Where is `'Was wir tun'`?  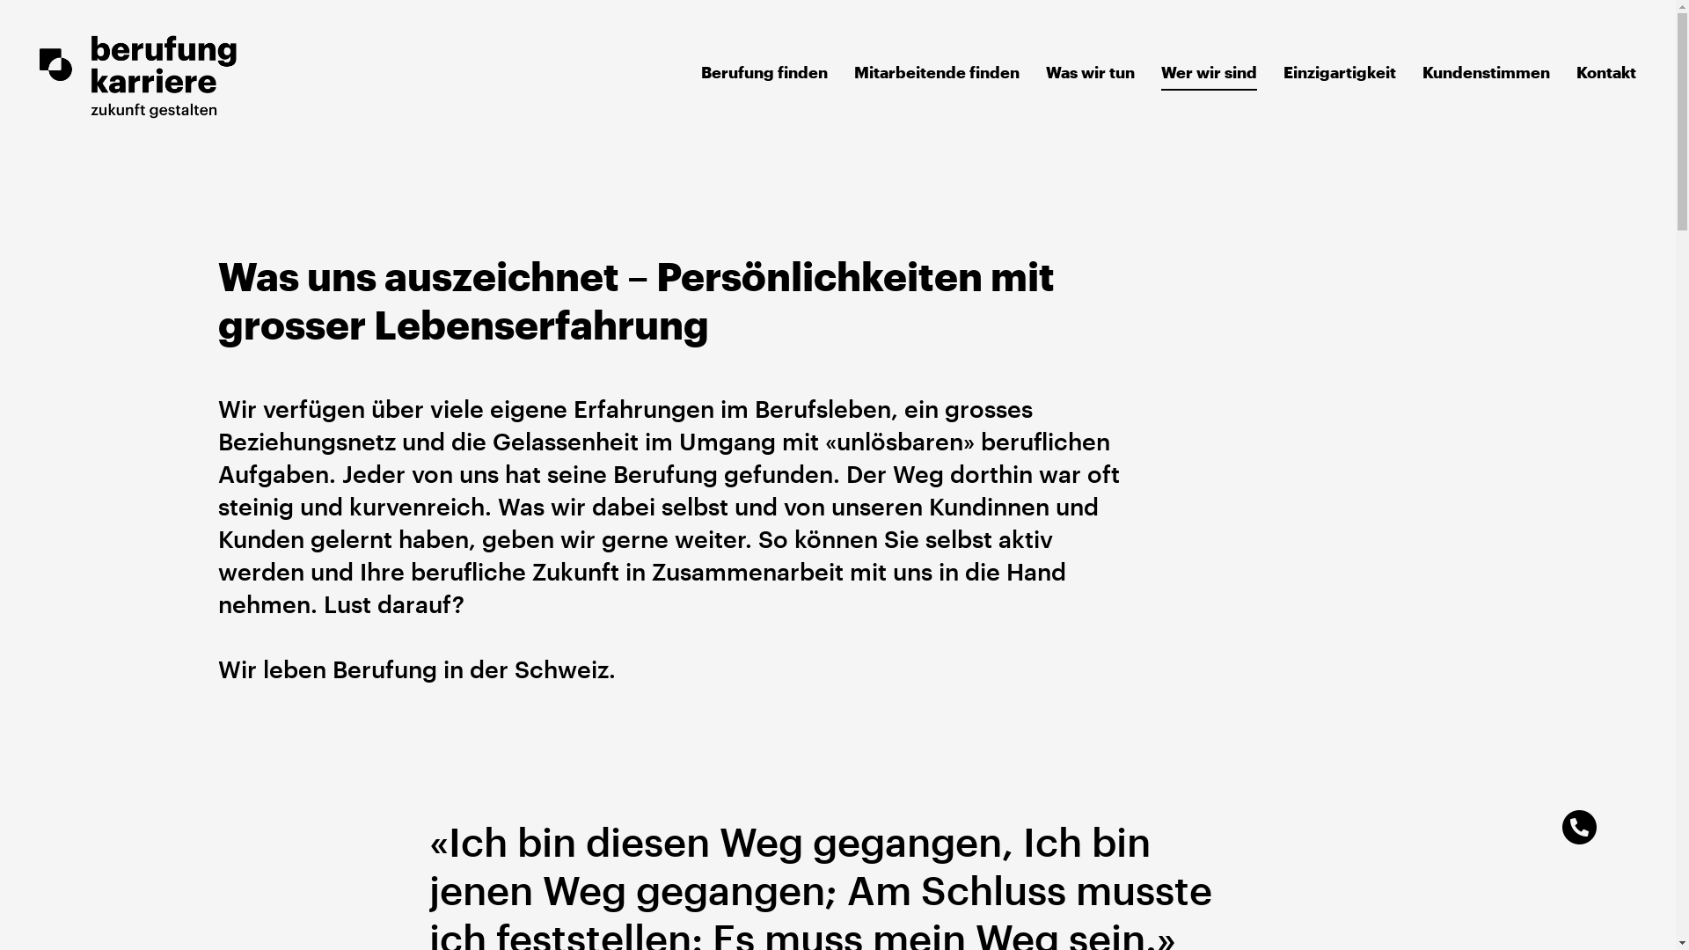 'Was wir tun' is located at coordinates (1089, 71).